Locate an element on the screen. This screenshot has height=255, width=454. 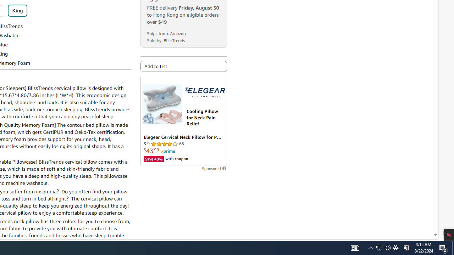
'Logo' is located at coordinates (204, 92).